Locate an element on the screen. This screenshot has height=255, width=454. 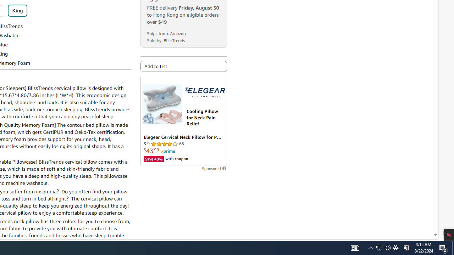
'Logo' is located at coordinates (204, 92).